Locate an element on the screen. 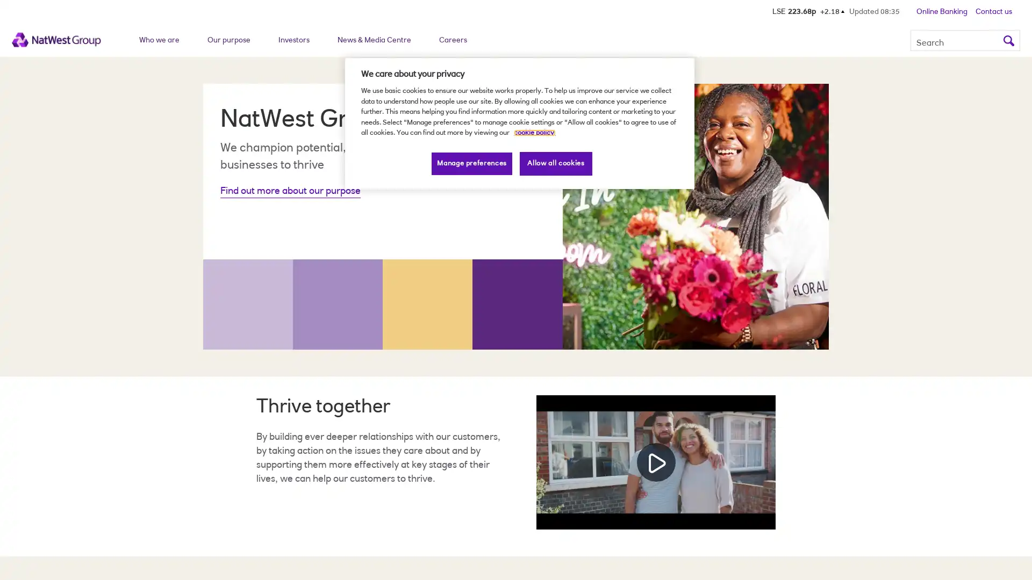 The width and height of the screenshot is (1032, 580). Thrive Together is located at coordinates (655, 461).